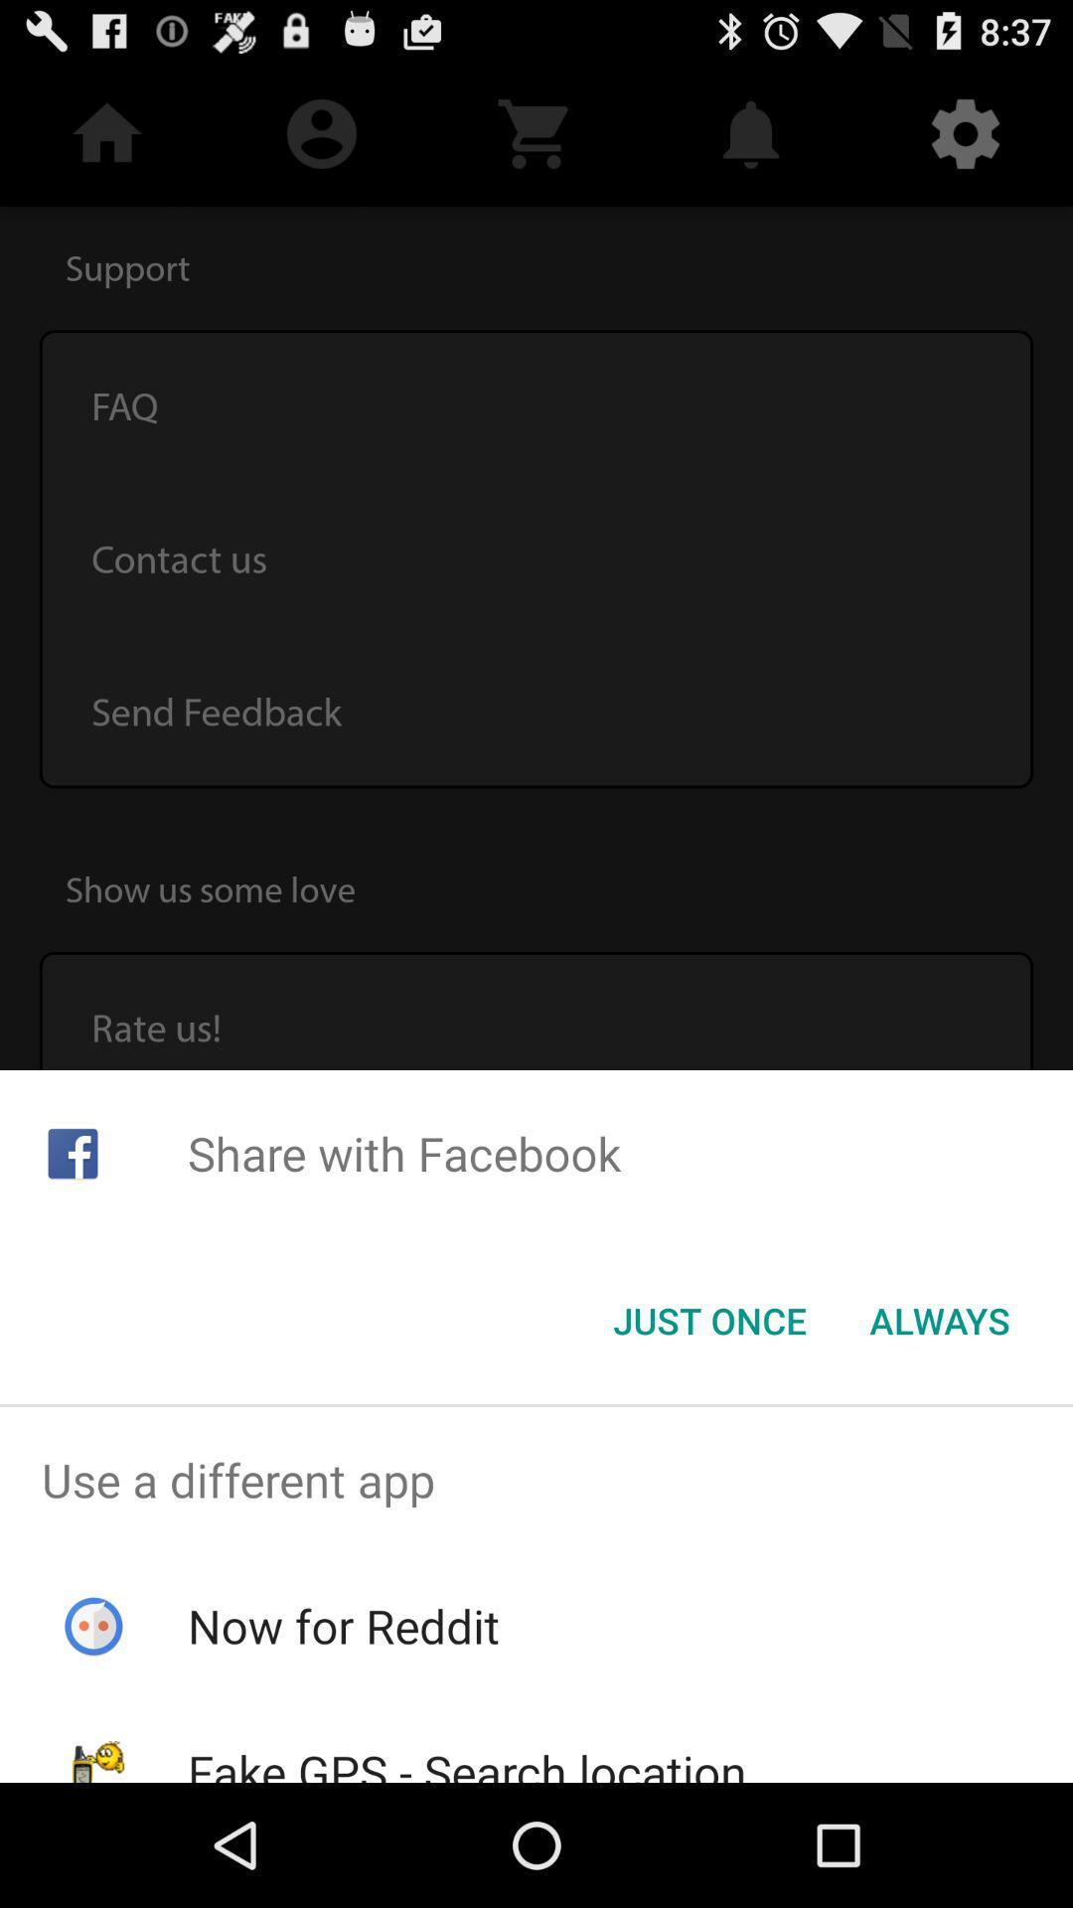 The height and width of the screenshot is (1908, 1073). I want to click on use a different app, so click(536, 1480).